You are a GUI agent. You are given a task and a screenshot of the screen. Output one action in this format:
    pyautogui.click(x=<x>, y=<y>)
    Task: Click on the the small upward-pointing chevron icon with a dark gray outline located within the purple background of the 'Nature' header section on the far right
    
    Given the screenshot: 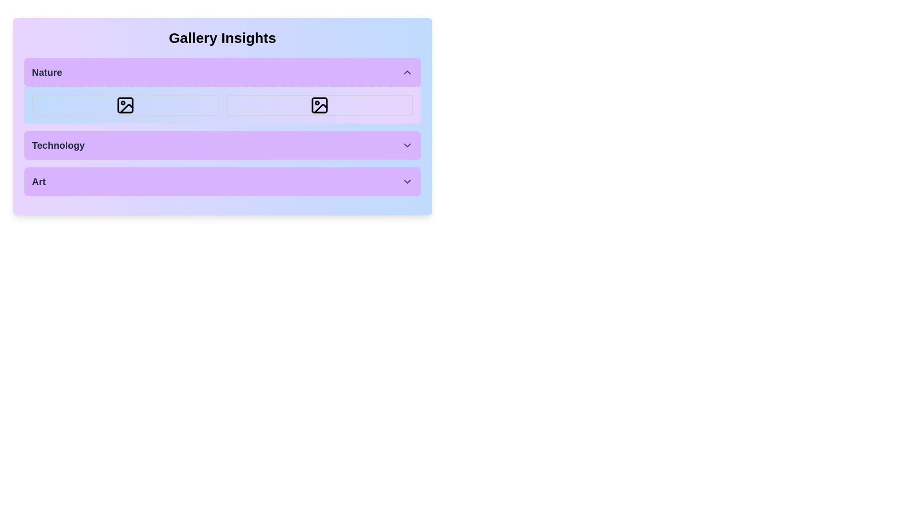 What is the action you would take?
    pyautogui.click(x=407, y=72)
    